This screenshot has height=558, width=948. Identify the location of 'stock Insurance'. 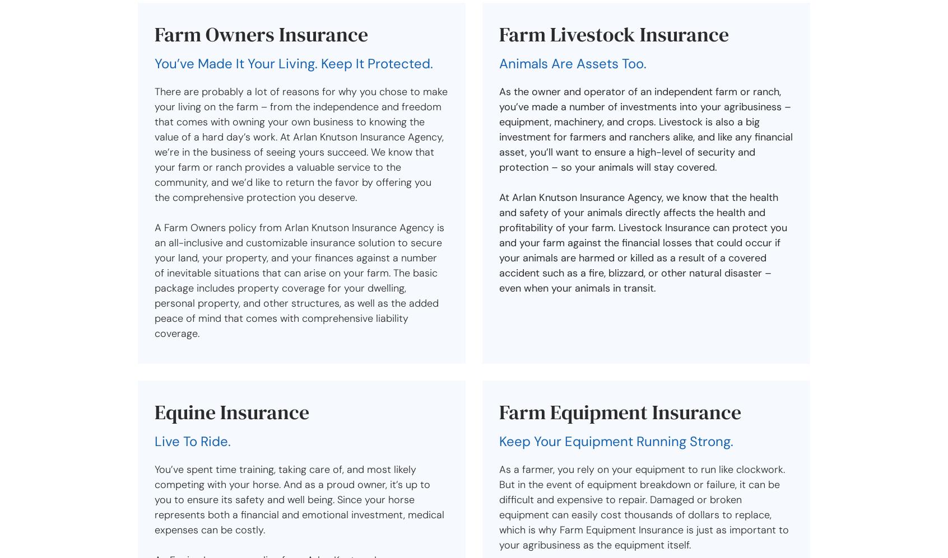
(657, 34).